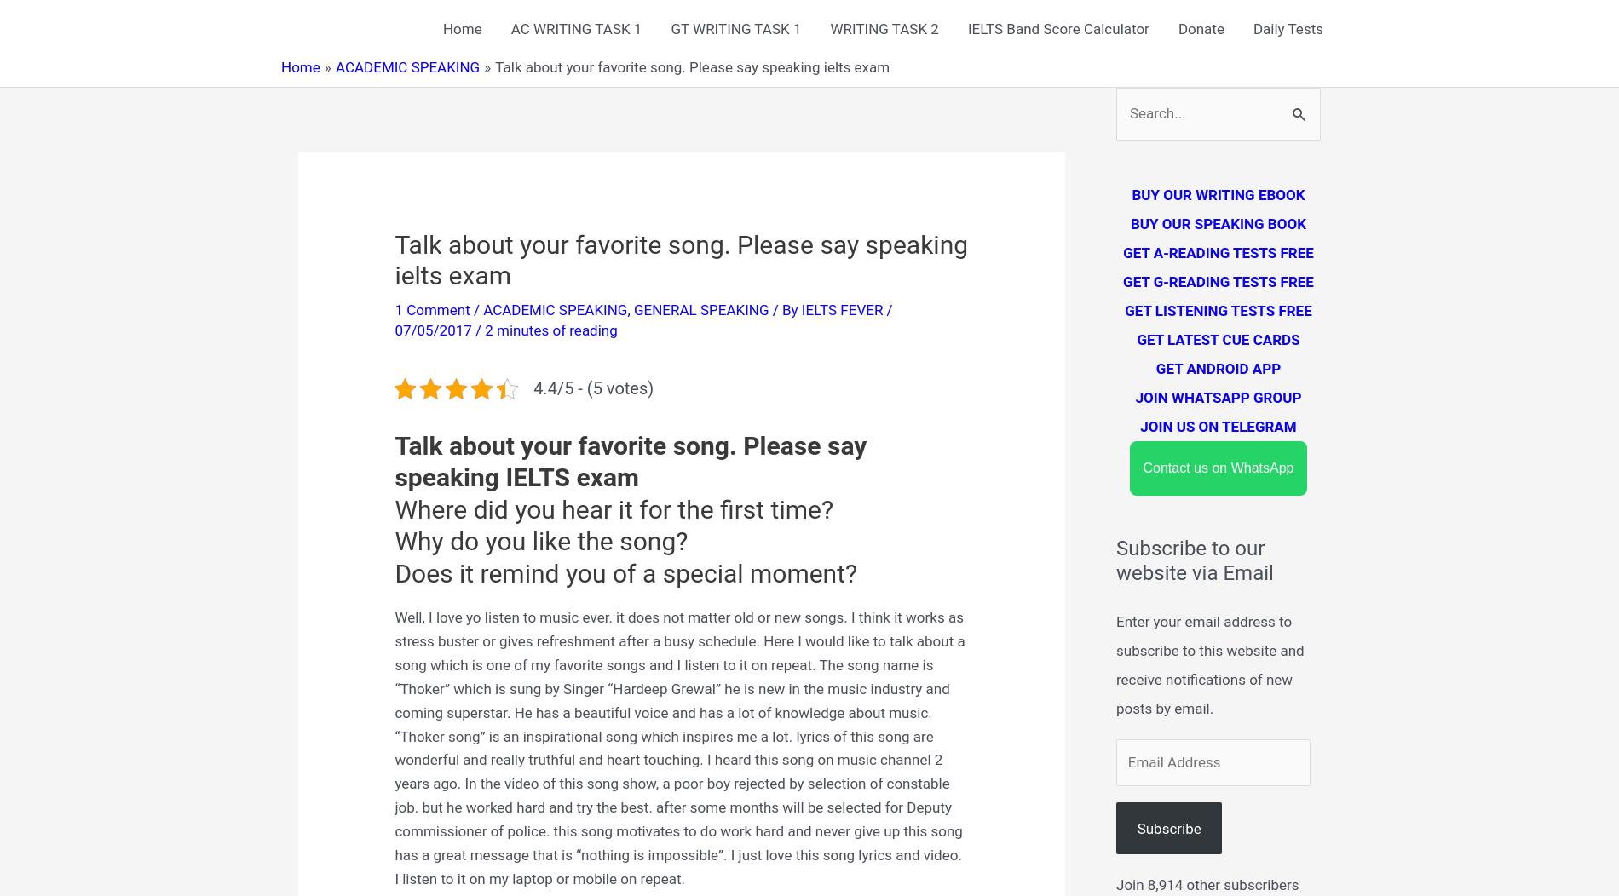  Describe the element at coordinates (669, 28) in the screenshot. I see `'GT WRITING TASK 1'` at that location.